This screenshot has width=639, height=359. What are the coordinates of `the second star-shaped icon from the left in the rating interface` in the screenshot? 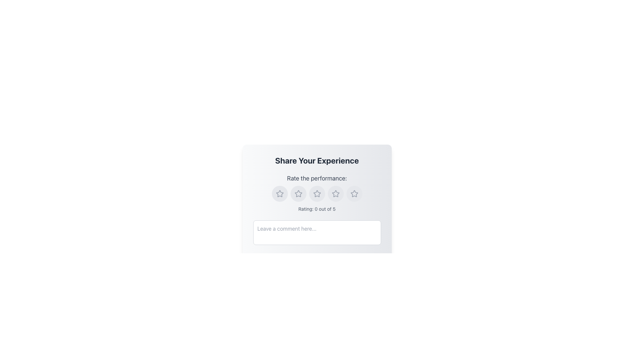 It's located at (298, 193).